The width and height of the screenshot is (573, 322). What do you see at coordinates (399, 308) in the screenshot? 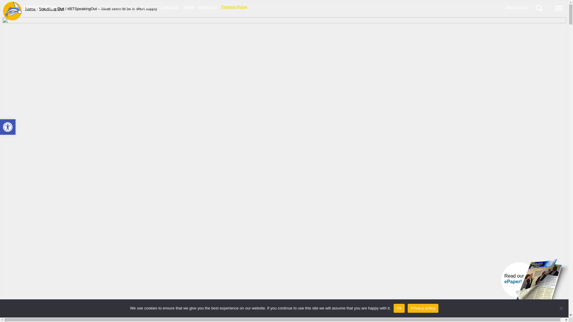
I see `'Ok'` at bounding box center [399, 308].